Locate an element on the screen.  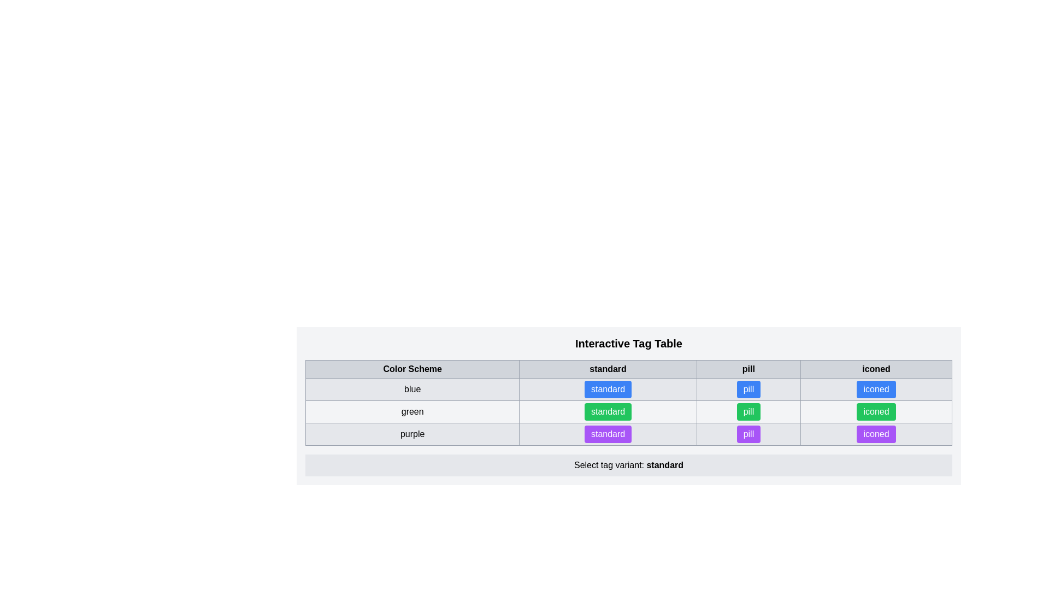
the green rectangular button labeled 'pill' in the second row of the 'Interactive Tag Table' is located at coordinates (748, 411).